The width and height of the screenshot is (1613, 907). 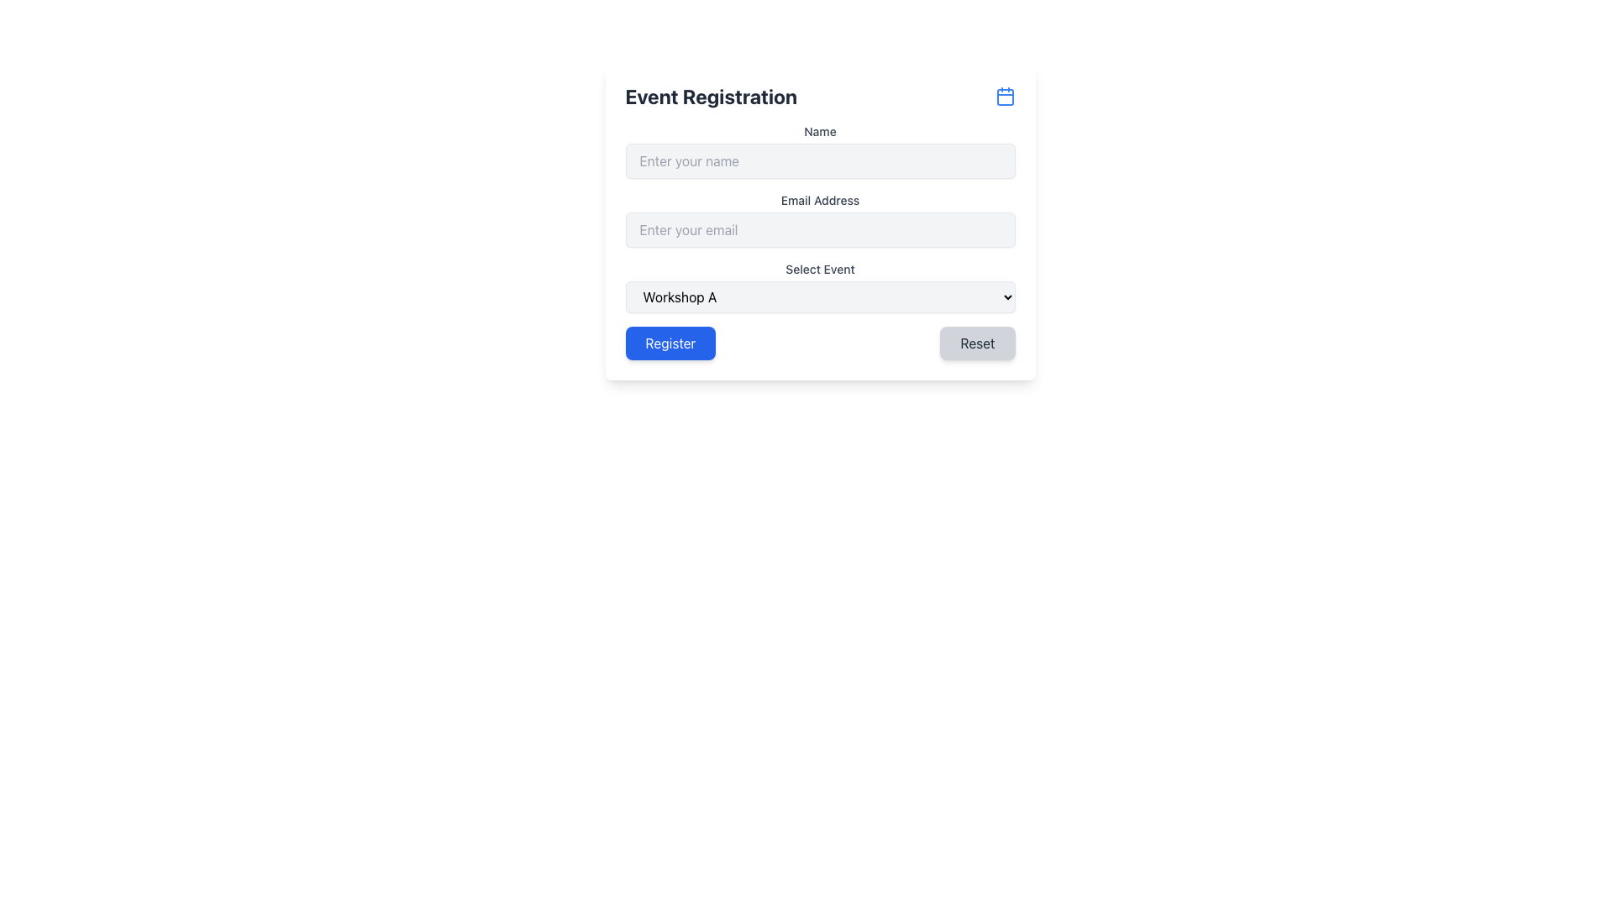 What do you see at coordinates (820, 296) in the screenshot?
I see `an option from the dropdown menu labeled 'Select Event' located in the middle of the form under the 'Email Address' field` at bounding box center [820, 296].